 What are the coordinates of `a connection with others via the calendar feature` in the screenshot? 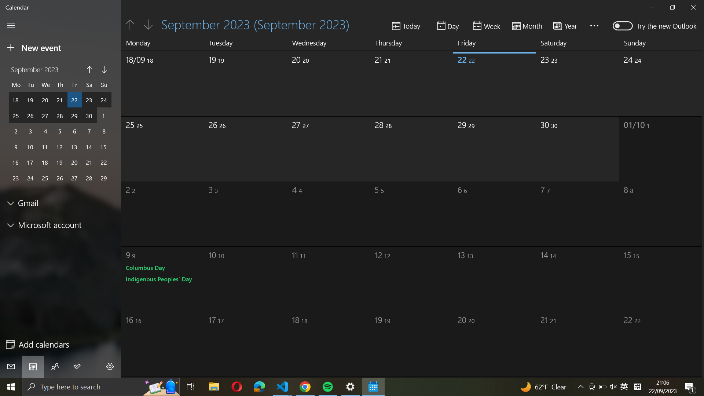 It's located at (55, 366).